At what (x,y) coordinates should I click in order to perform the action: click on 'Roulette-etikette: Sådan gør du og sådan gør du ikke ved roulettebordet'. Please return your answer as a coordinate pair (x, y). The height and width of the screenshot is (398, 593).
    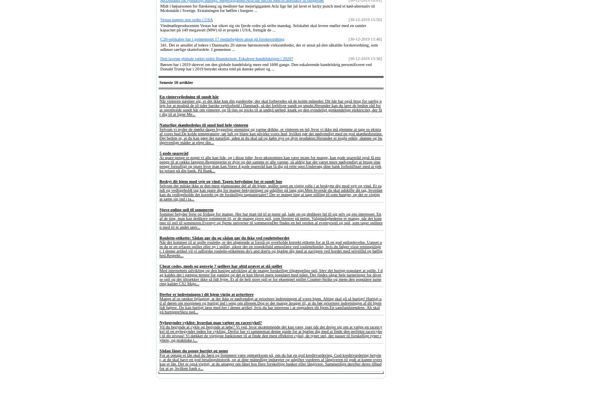
    Looking at the image, I should click on (224, 237).